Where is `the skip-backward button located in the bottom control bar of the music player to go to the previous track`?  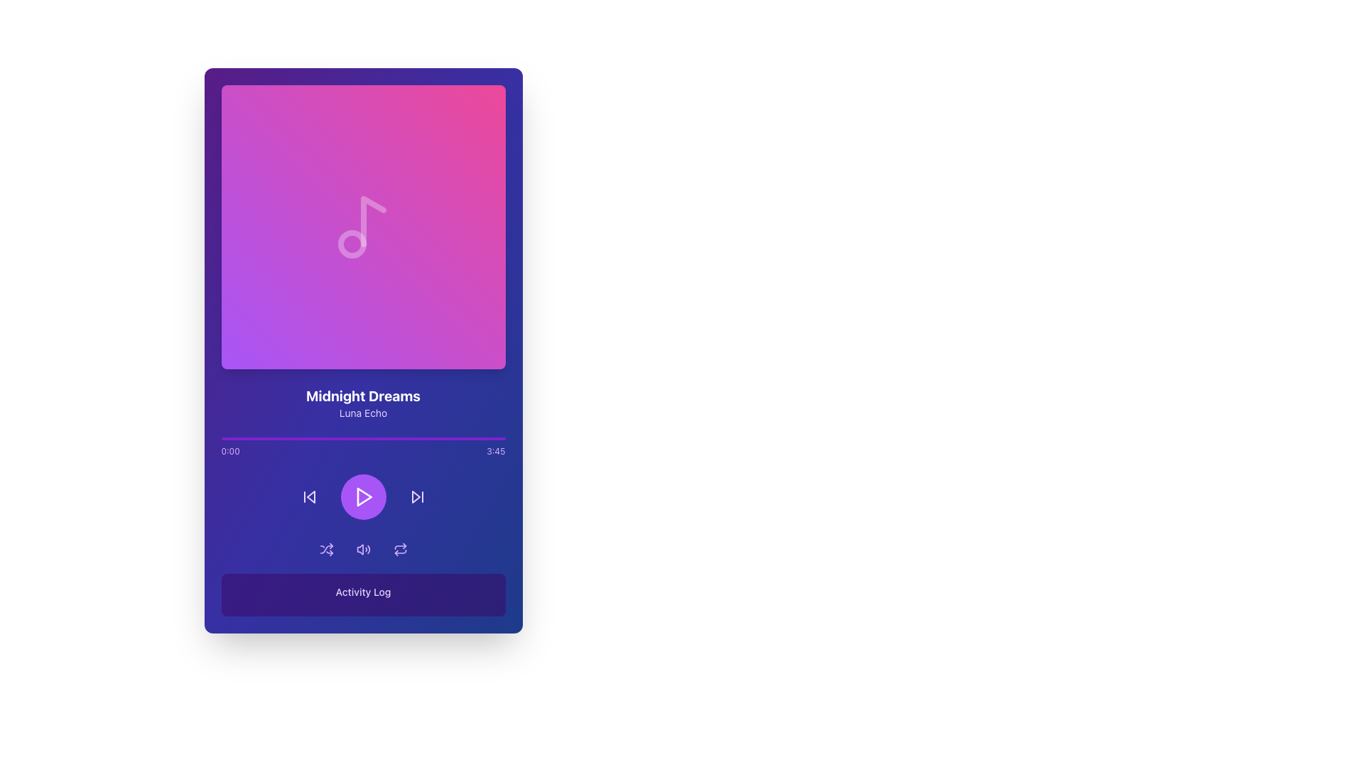
the skip-backward button located in the bottom control bar of the music player to go to the previous track is located at coordinates (308, 496).